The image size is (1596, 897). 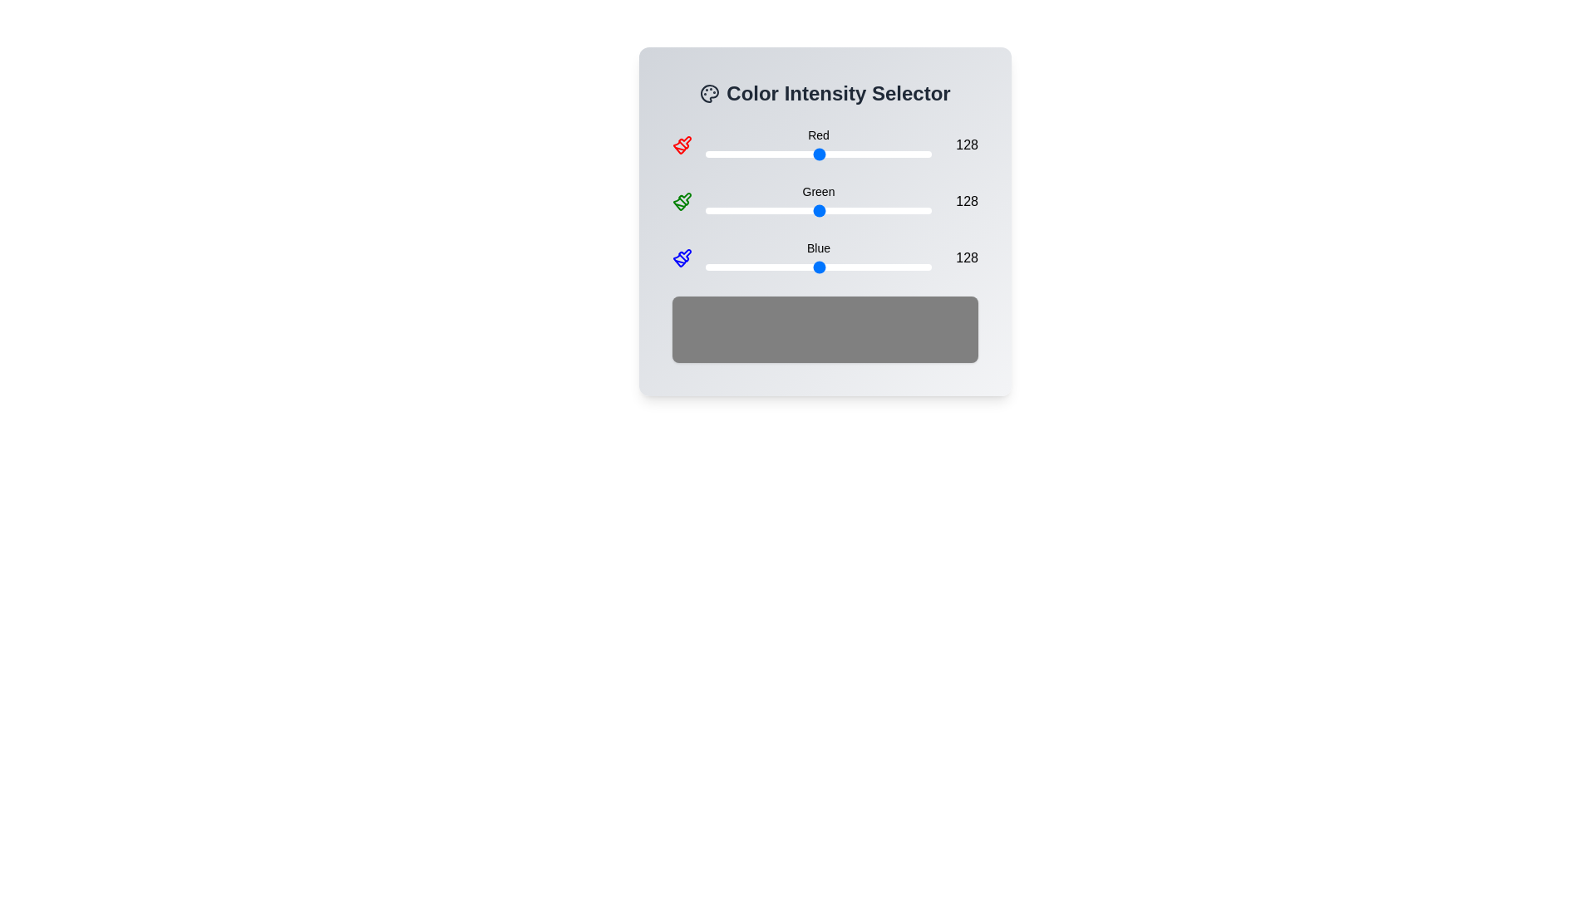 I want to click on the decorative icon for the 'Color Intensity Selector' feature located in the header, to the left of the text, so click(x=710, y=93).